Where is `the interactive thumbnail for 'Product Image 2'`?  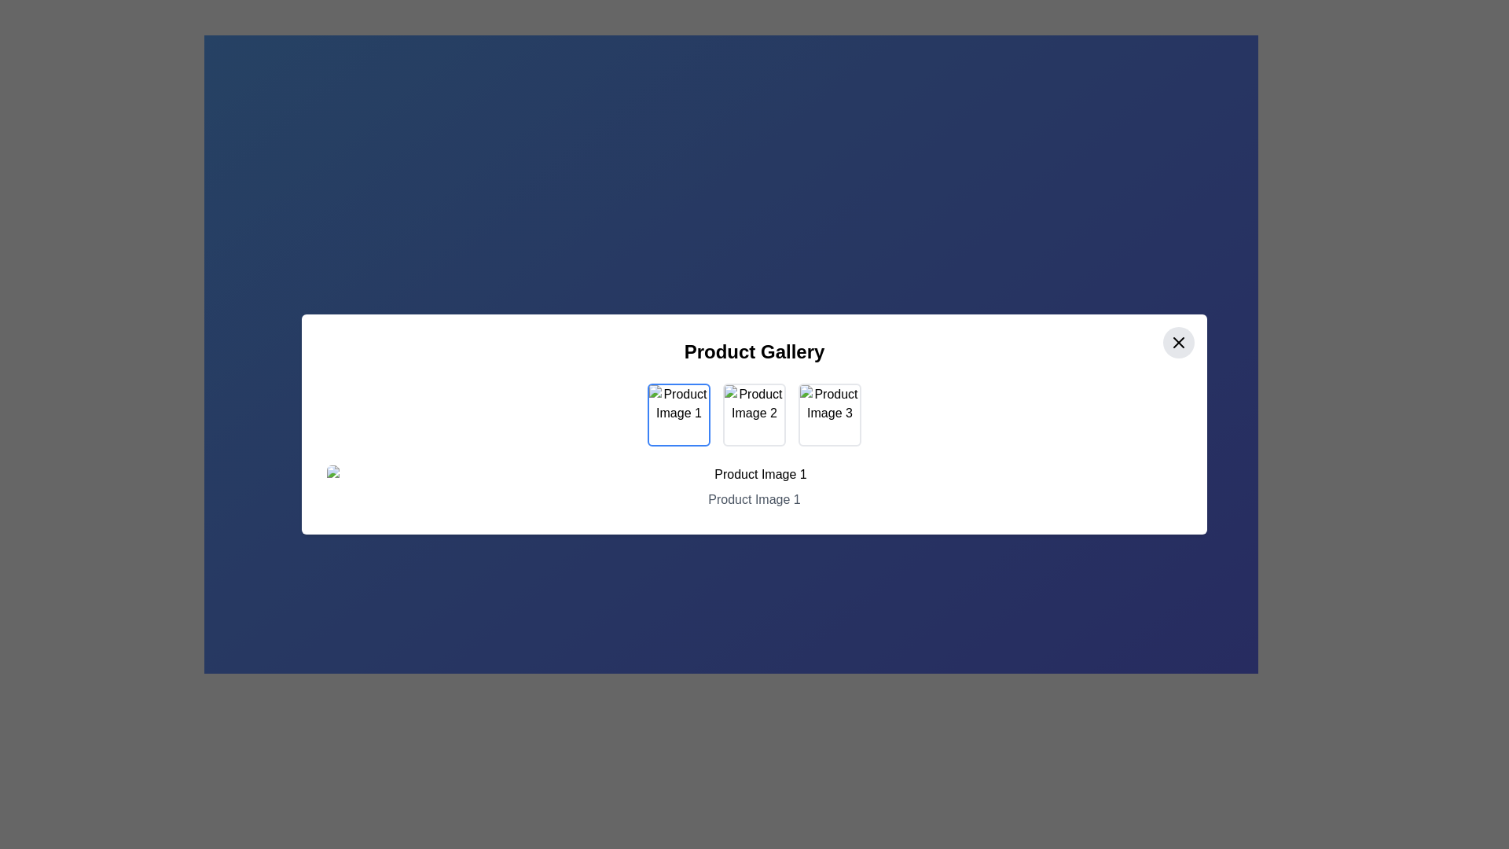 the interactive thumbnail for 'Product Image 2' is located at coordinates (754, 414).